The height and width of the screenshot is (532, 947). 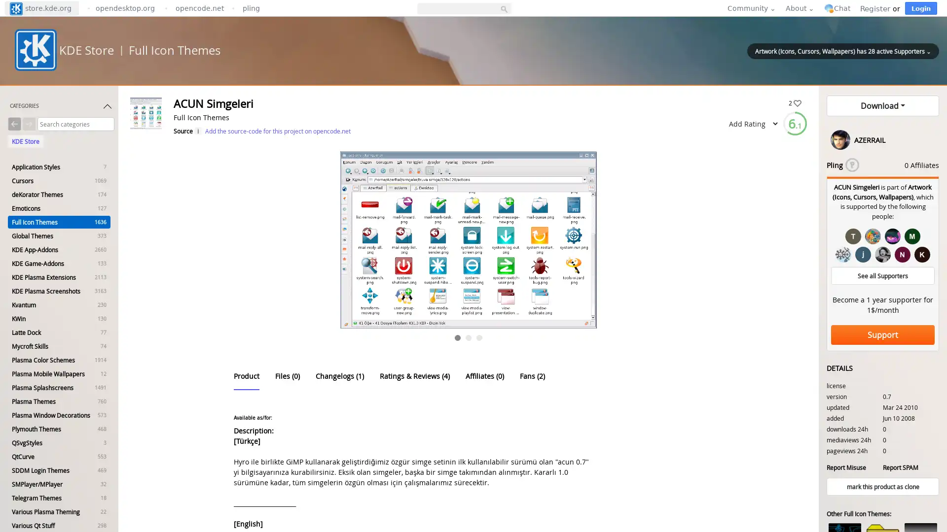 I want to click on Go to slide 2, so click(x=468, y=337).